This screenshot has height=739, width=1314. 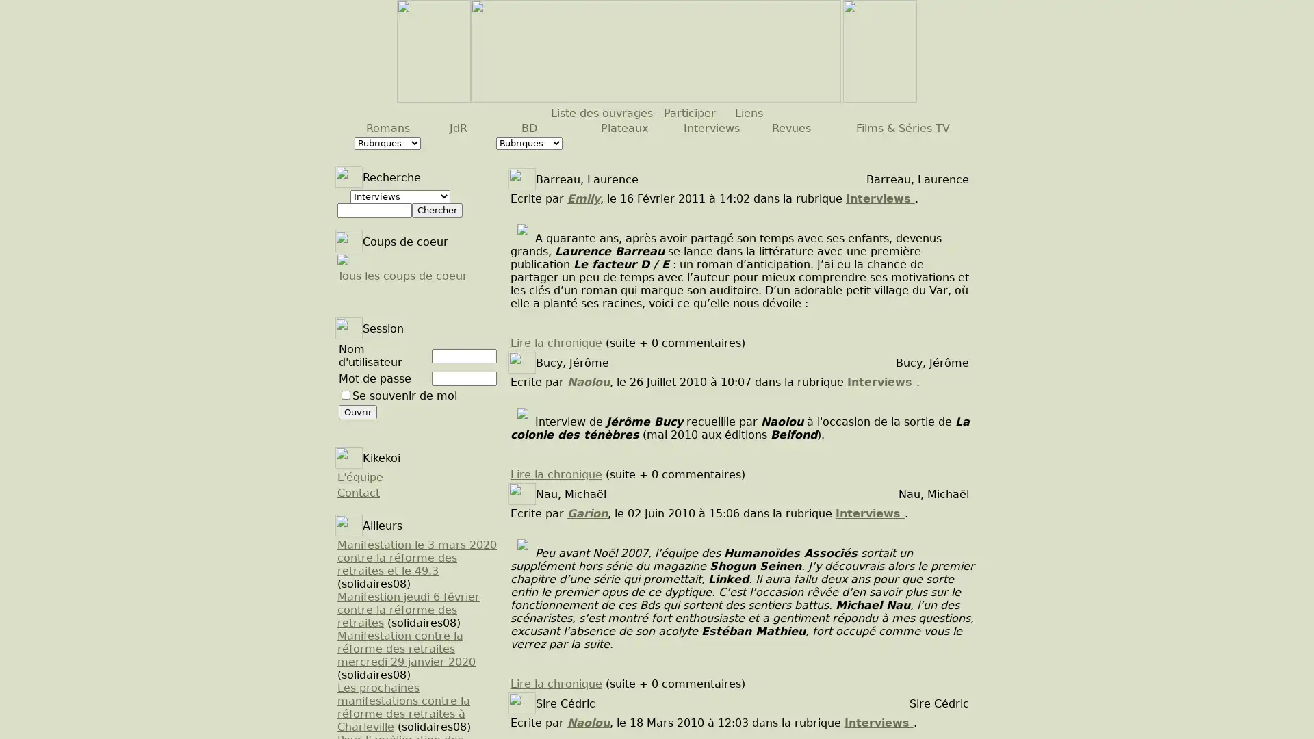 I want to click on Ouvrir, so click(x=358, y=411).